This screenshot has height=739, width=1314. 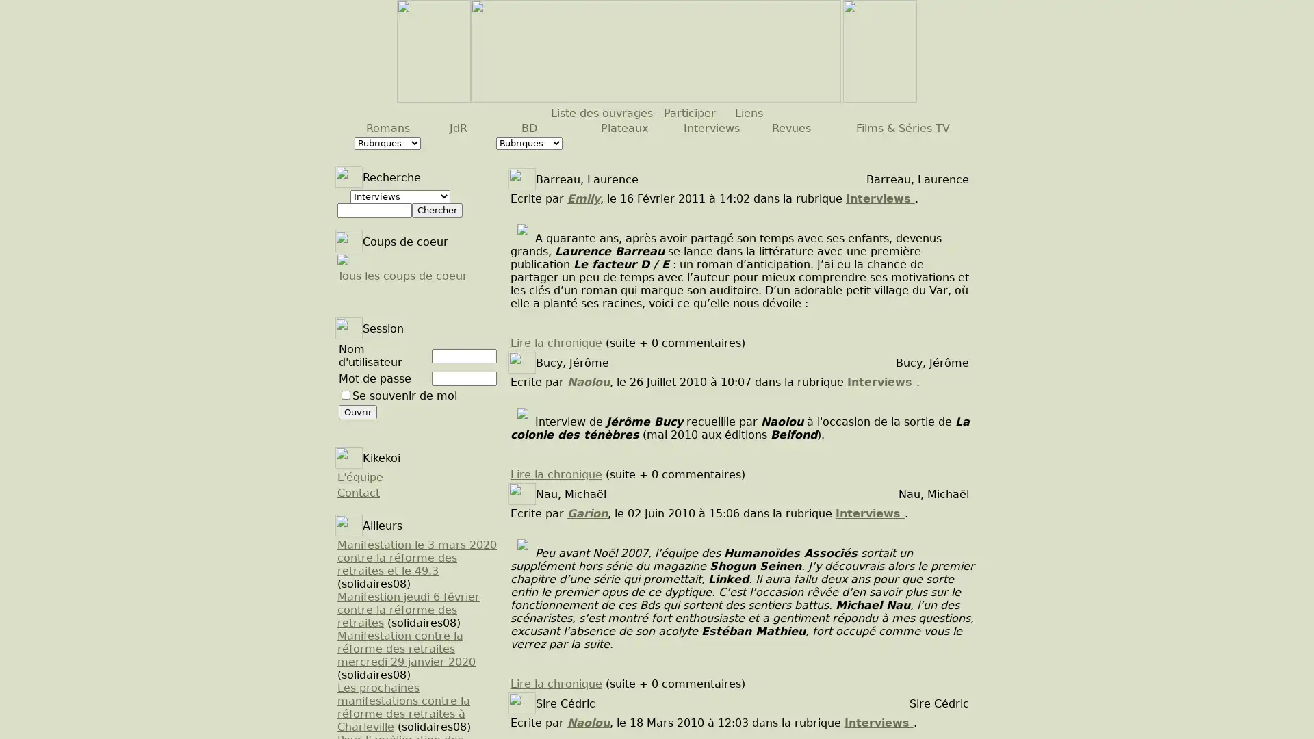 I want to click on Ouvrir, so click(x=358, y=411).